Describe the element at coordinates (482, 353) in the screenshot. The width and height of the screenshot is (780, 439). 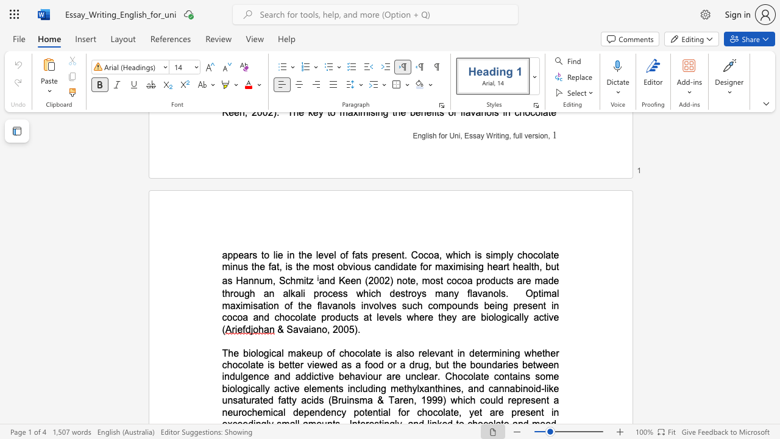
I see `the subset text "ermin" within the text "determining"` at that location.